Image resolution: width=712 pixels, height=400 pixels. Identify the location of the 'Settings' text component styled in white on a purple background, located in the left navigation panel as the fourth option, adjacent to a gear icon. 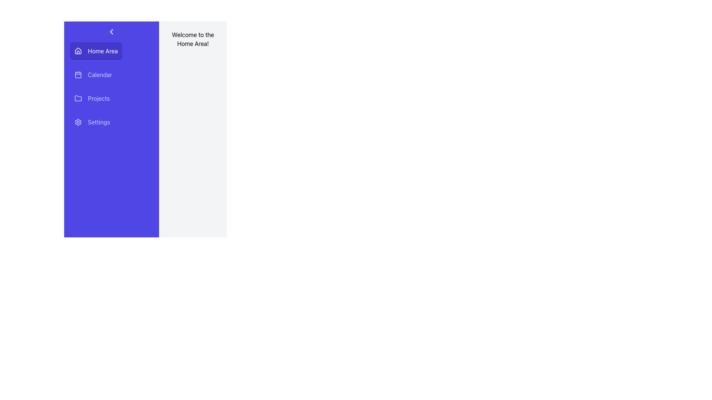
(98, 122).